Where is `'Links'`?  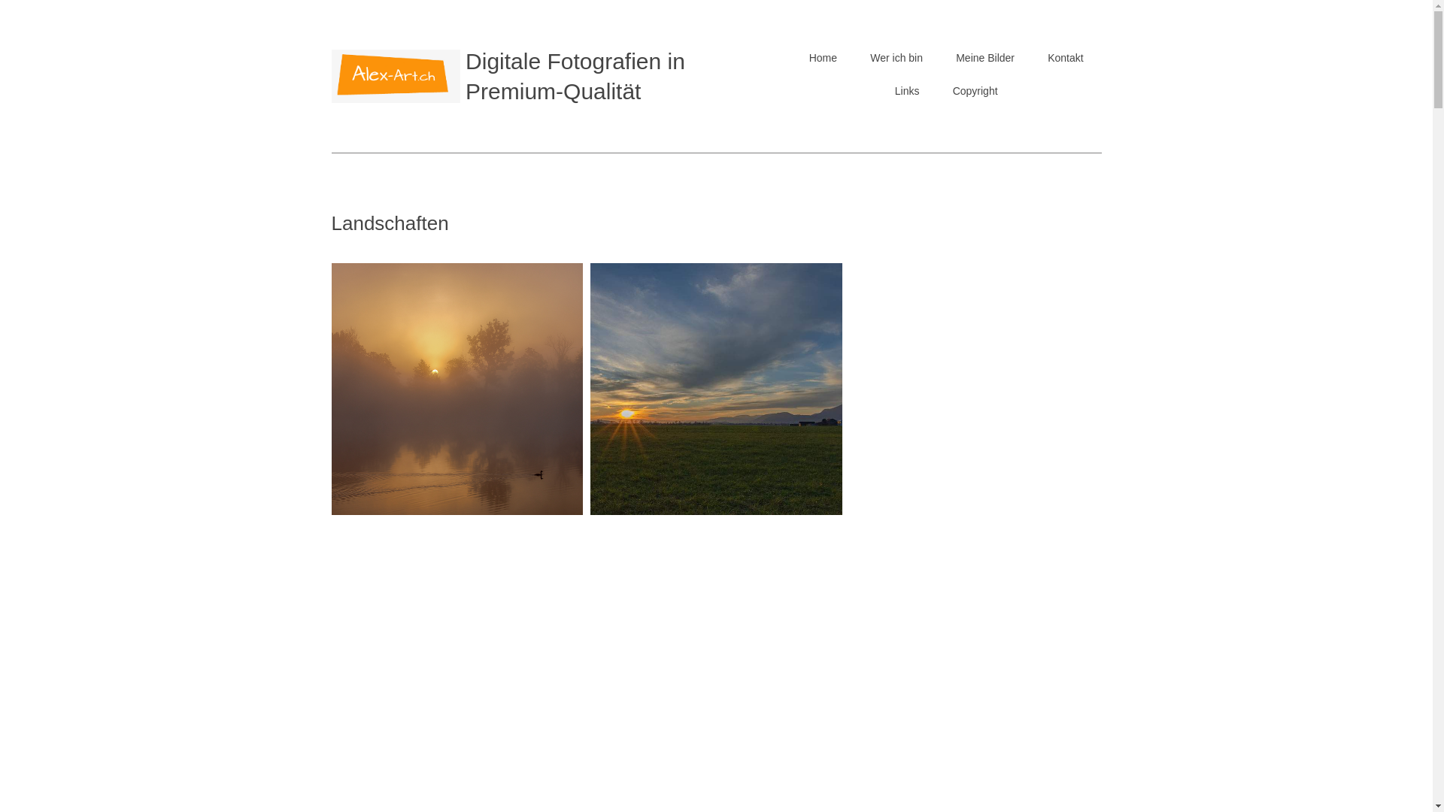
'Links' is located at coordinates (906, 90).